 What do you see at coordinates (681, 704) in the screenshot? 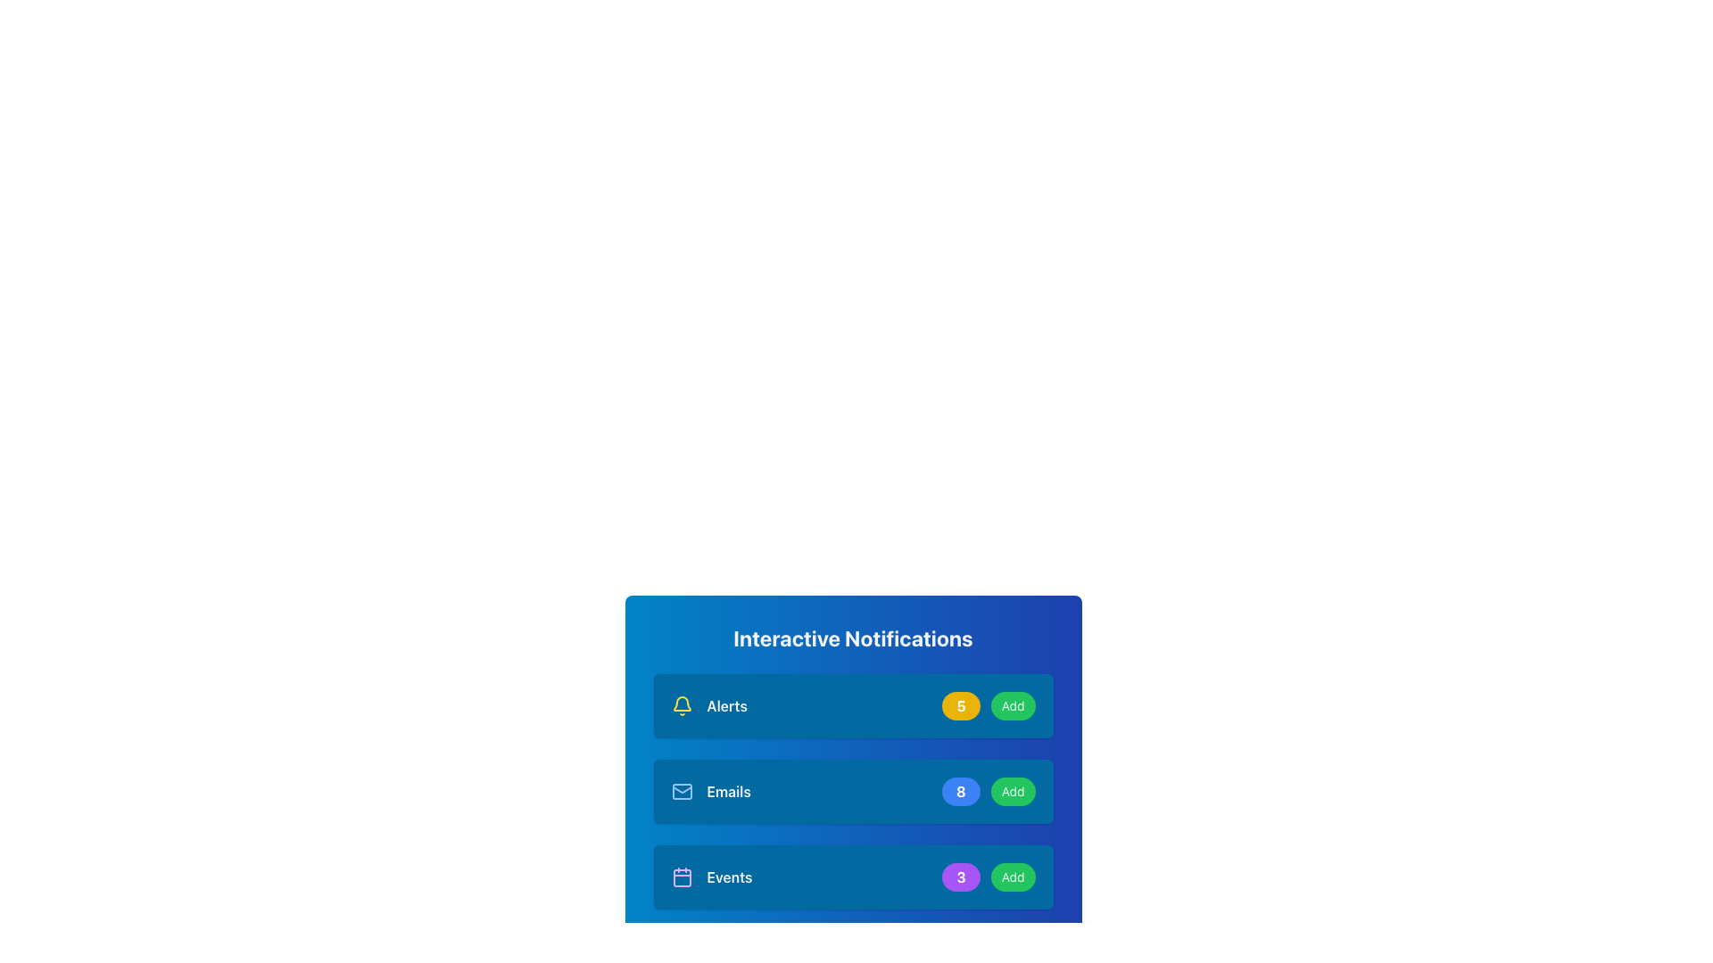
I see `the bell icon with a yellow outline and a transparent background, which is positioned to the left of the text 'Alerts' in the notifications block` at bounding box center [681, 704].